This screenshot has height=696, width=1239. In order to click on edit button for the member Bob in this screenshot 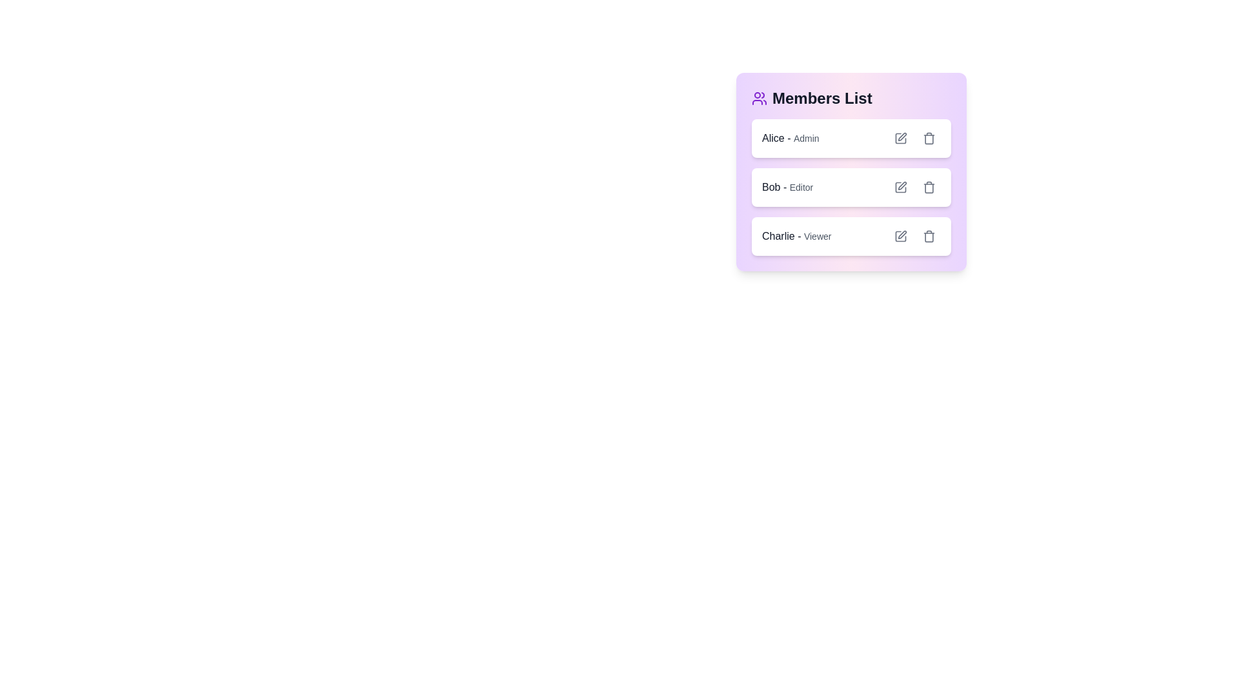, I will do `click(900, 187)`.